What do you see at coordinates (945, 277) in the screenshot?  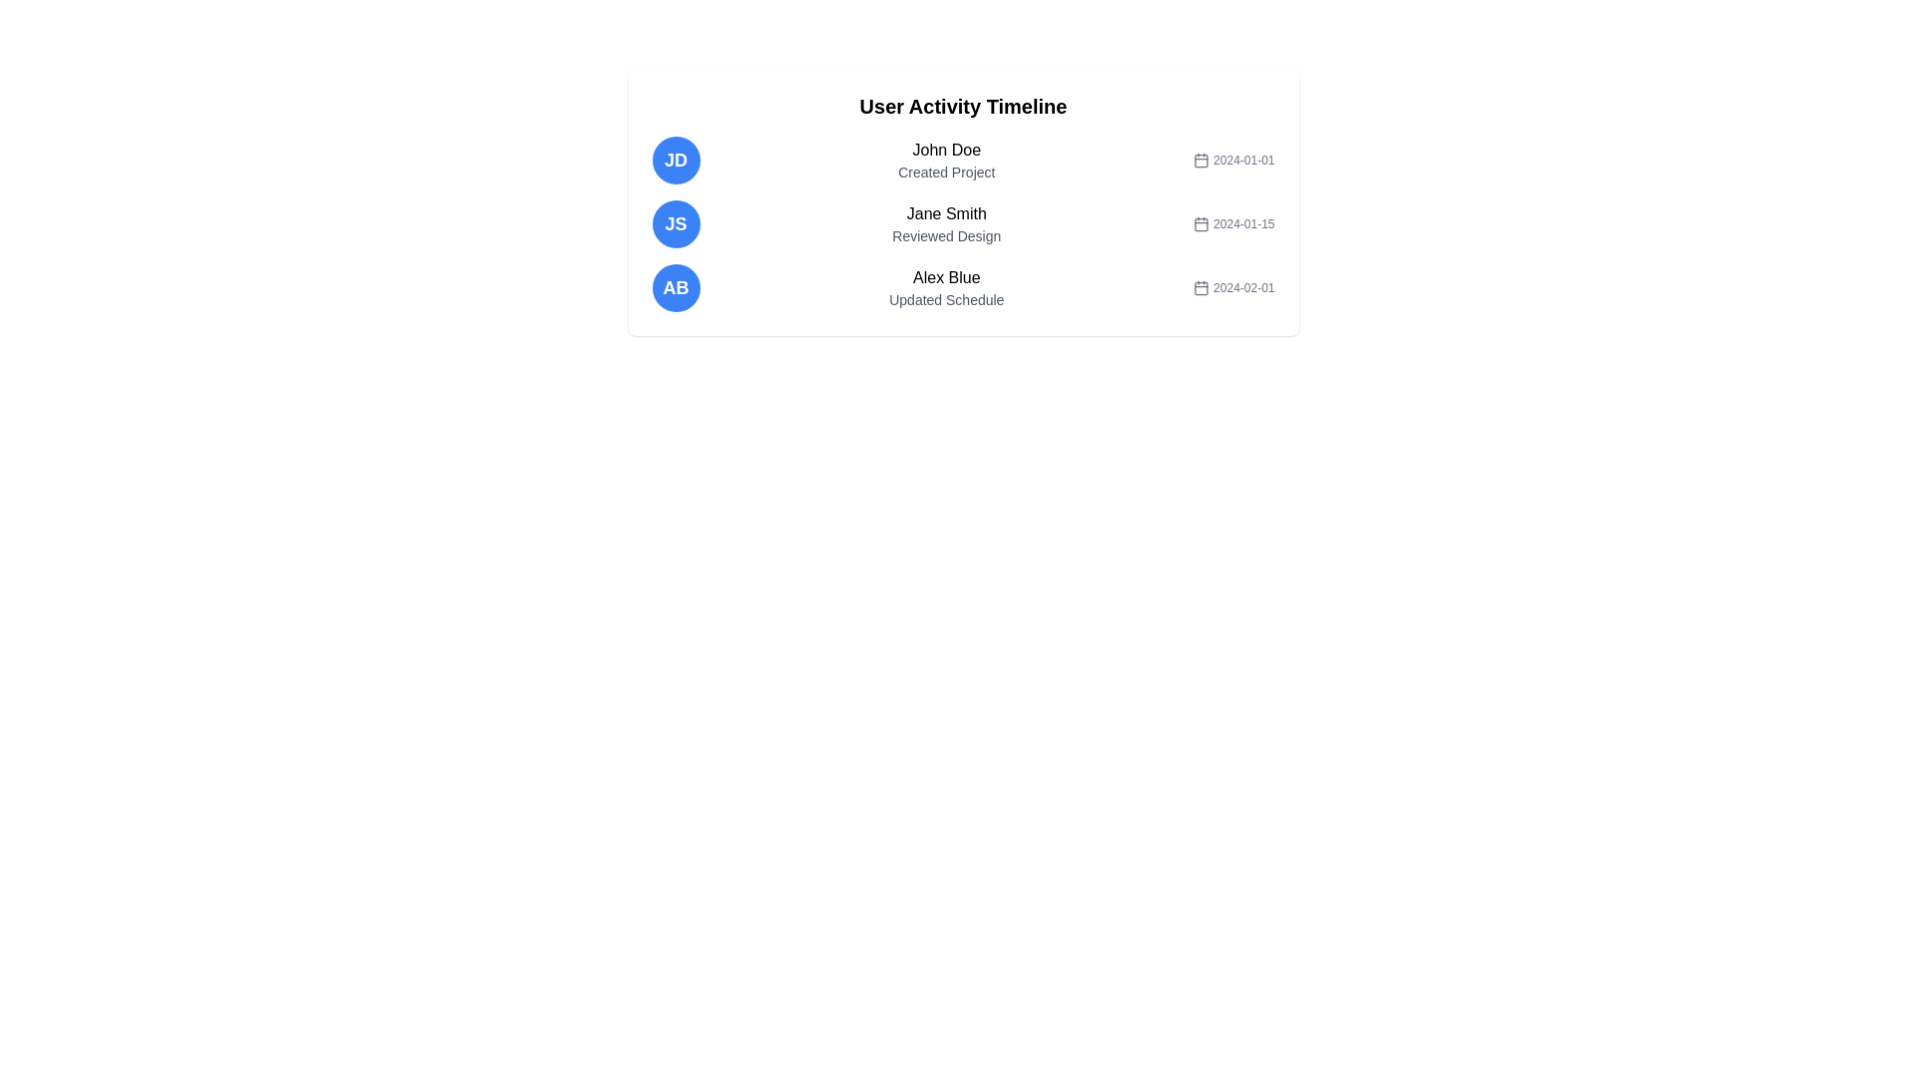 I see `the Text Label that identifies the user's name associated with the activity timeline, positioned to the right of the circular avatar labeled 'AB'` at bounding box center [945, 277].